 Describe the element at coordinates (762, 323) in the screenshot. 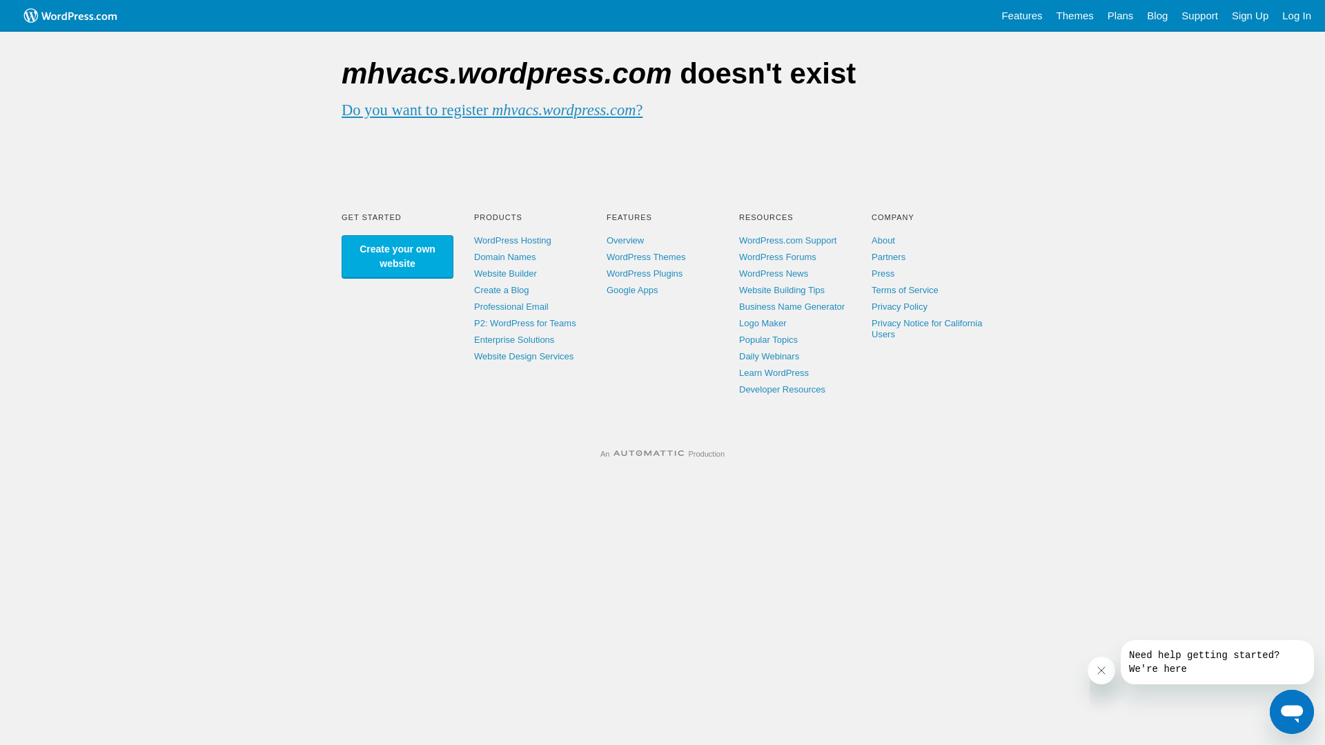

I see `'Logo Maker'` at that location.